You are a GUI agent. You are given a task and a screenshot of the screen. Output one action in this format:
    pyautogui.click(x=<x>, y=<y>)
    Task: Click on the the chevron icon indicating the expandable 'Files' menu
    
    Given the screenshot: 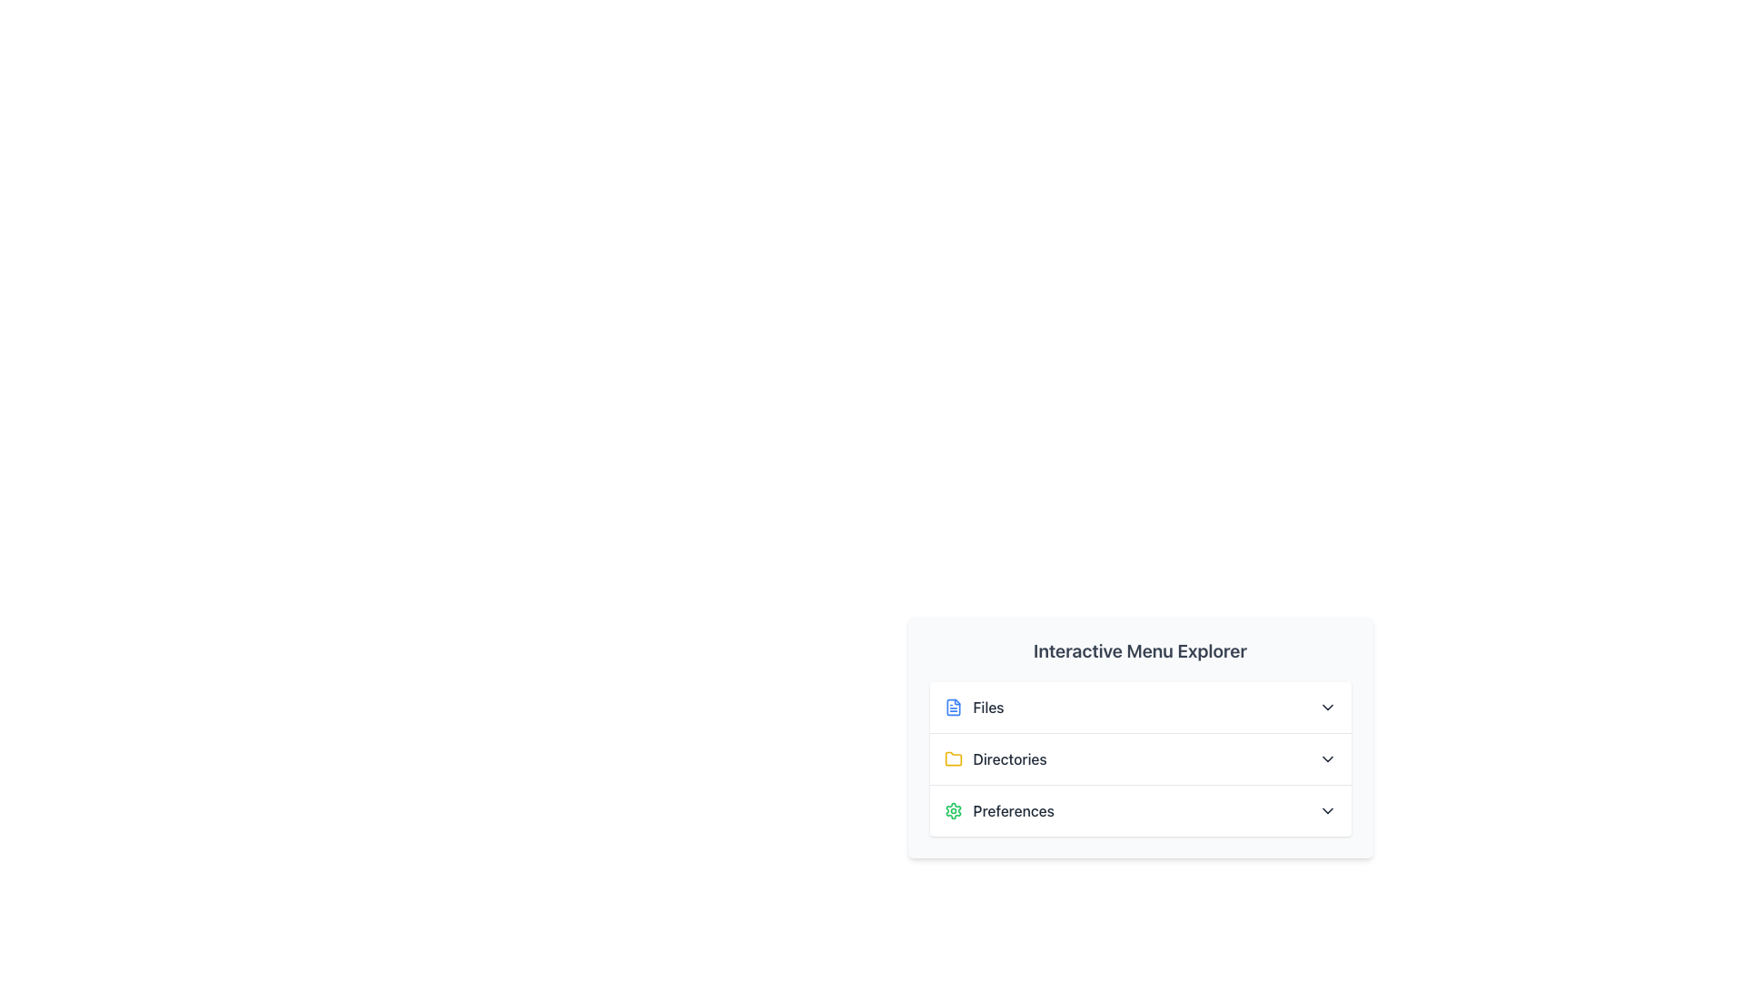 What is the action you would take?
    pyautogui.click(x=1327, y=707)
    